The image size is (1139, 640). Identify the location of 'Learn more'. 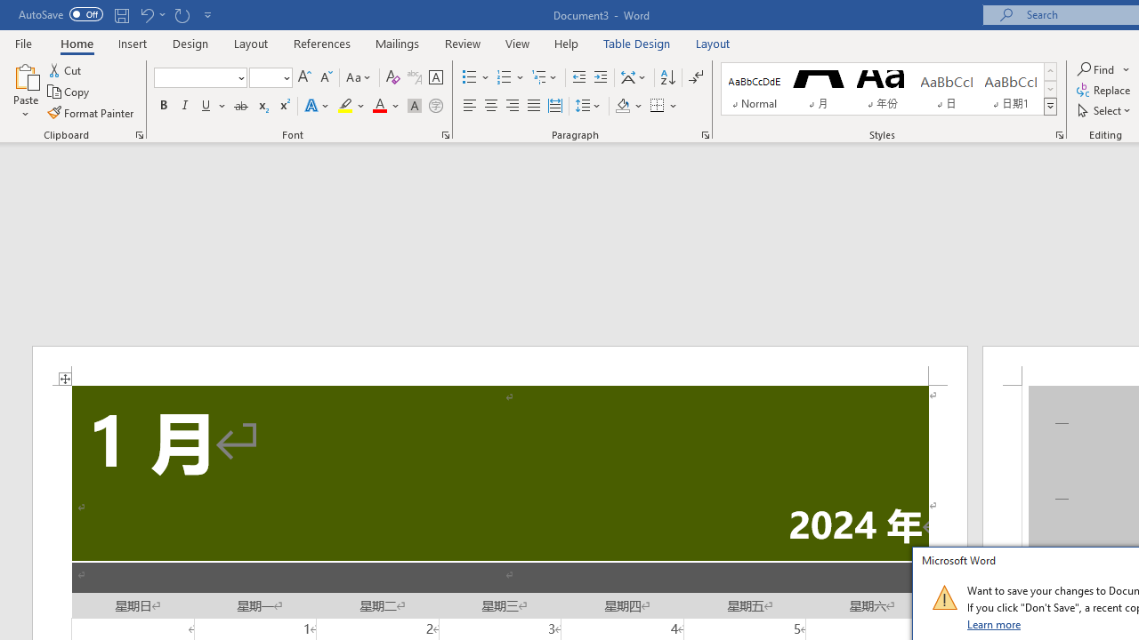
(994, 623).